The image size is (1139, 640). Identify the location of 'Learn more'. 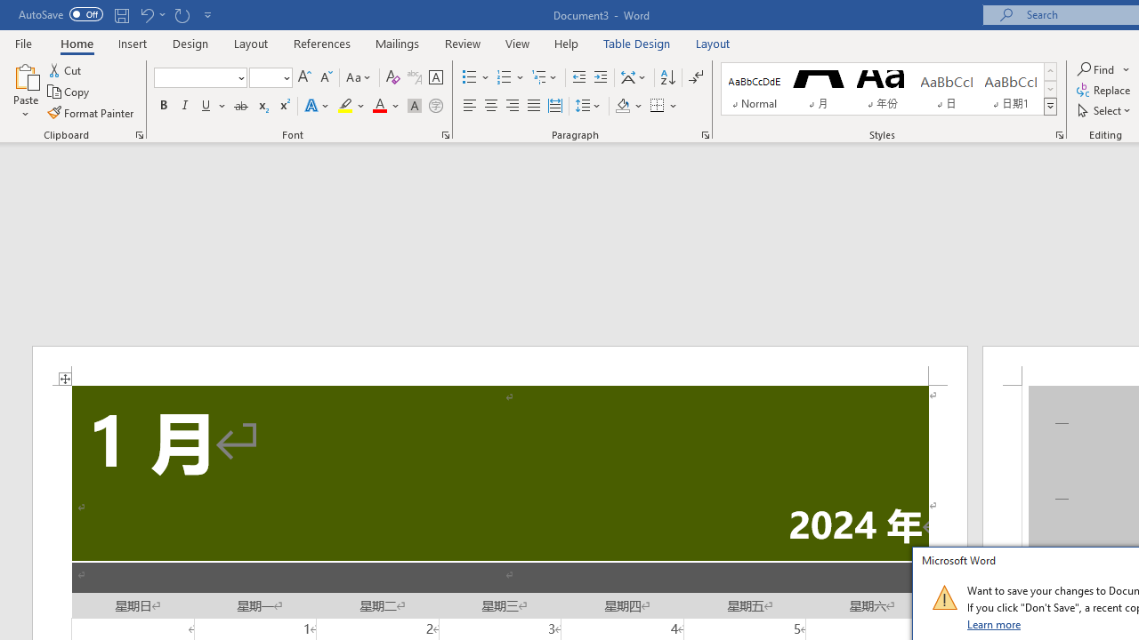
(994, 623).